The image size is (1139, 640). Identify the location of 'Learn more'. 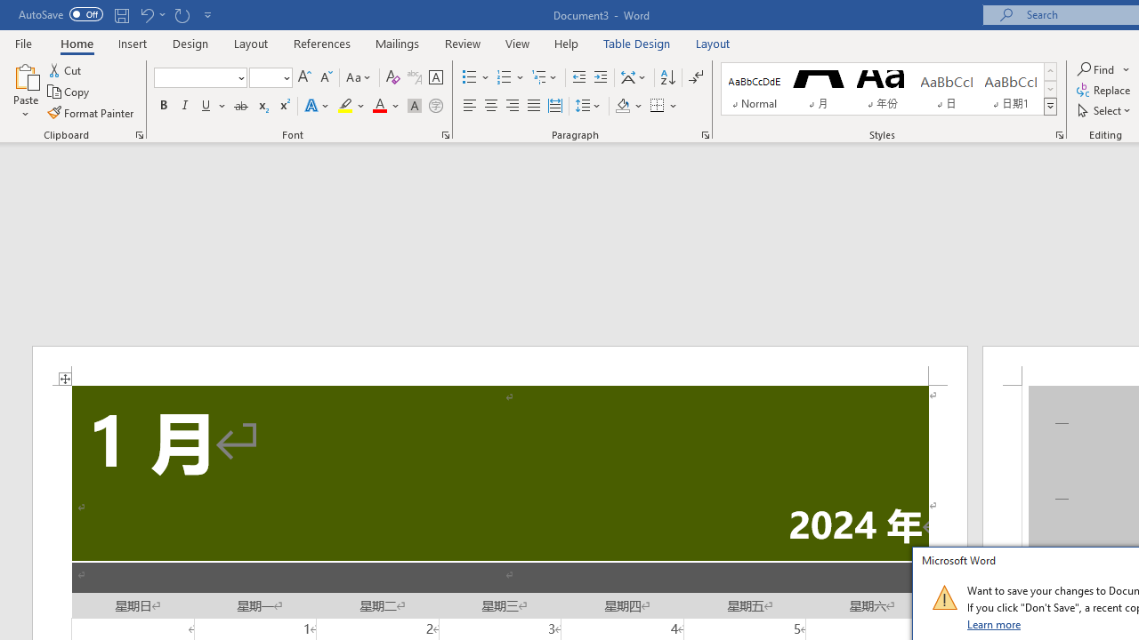
(994, 623).